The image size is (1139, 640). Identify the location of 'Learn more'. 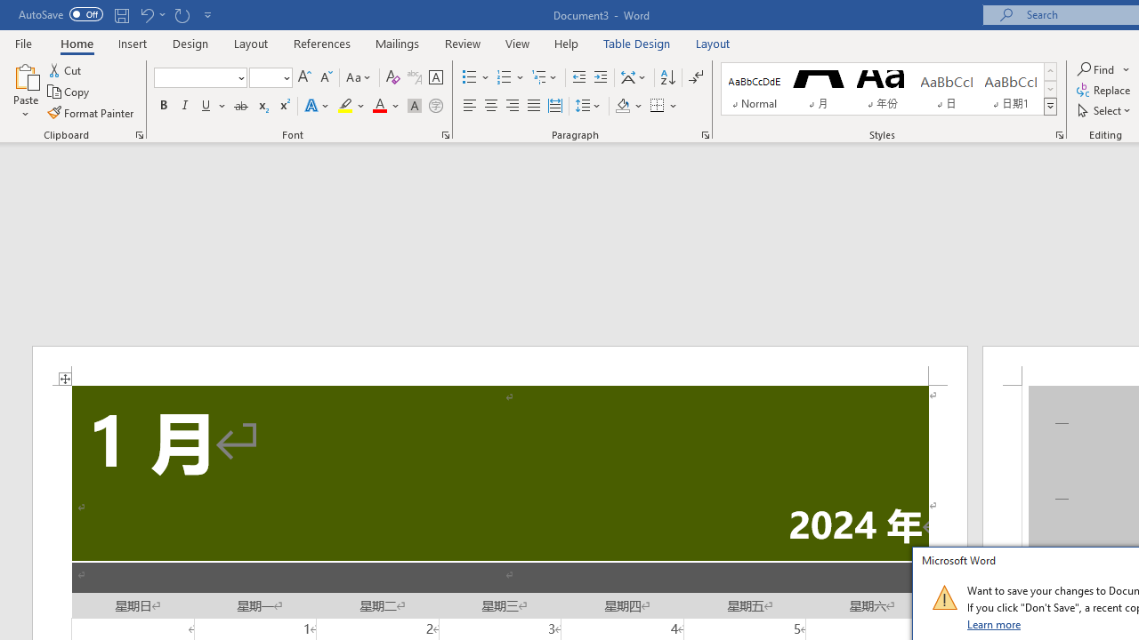
(994, 623).